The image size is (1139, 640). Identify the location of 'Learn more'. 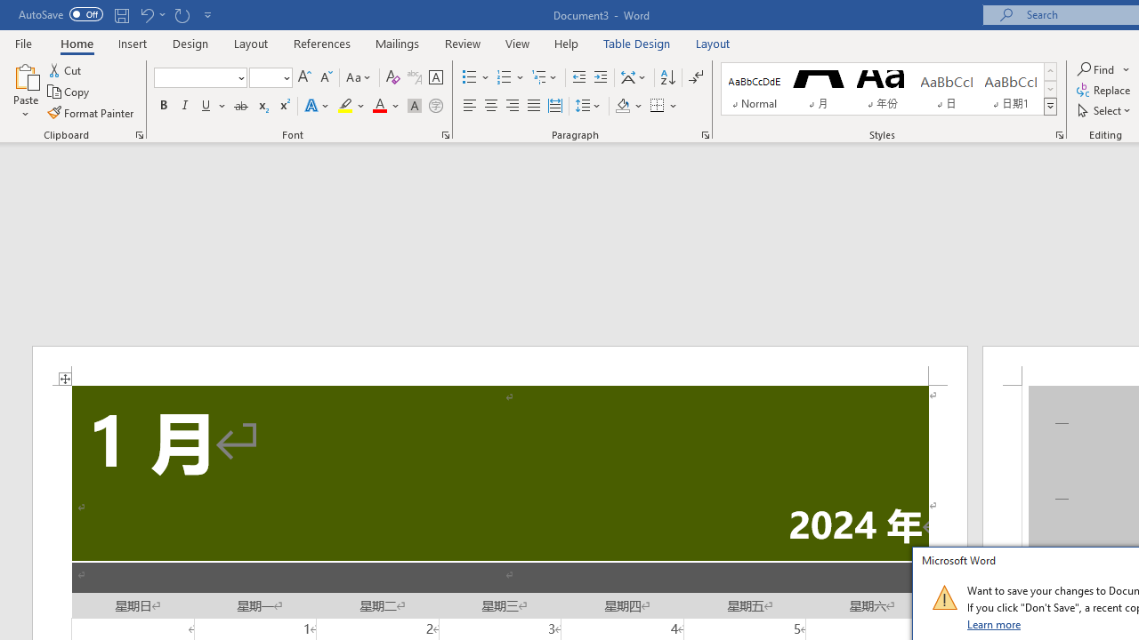
(994, 623).